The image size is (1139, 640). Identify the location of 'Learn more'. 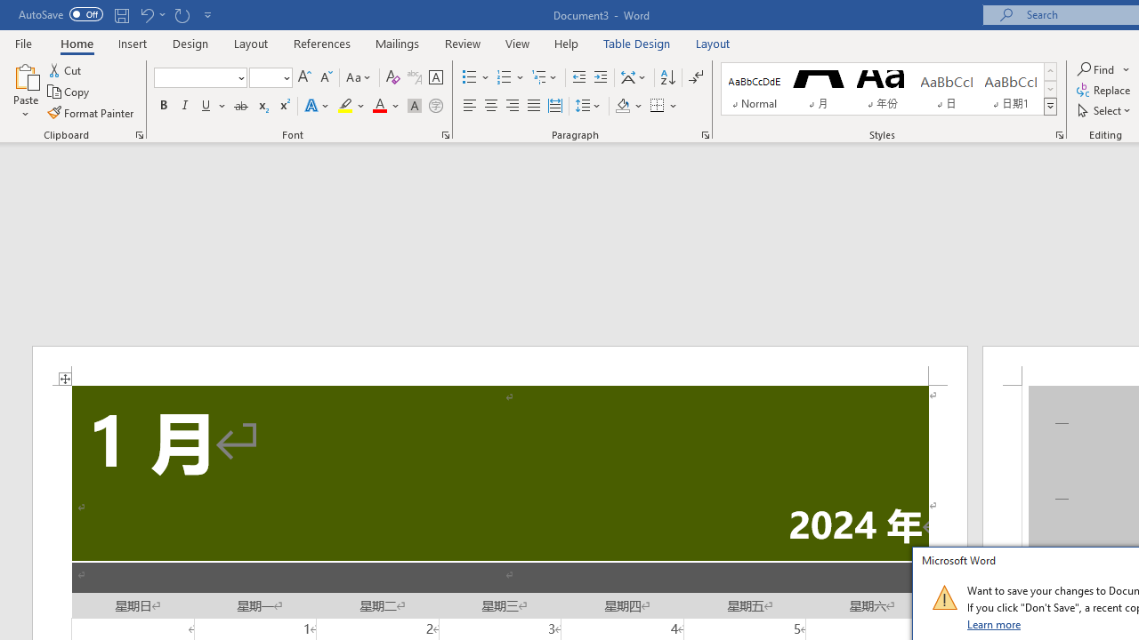
(994, 623).